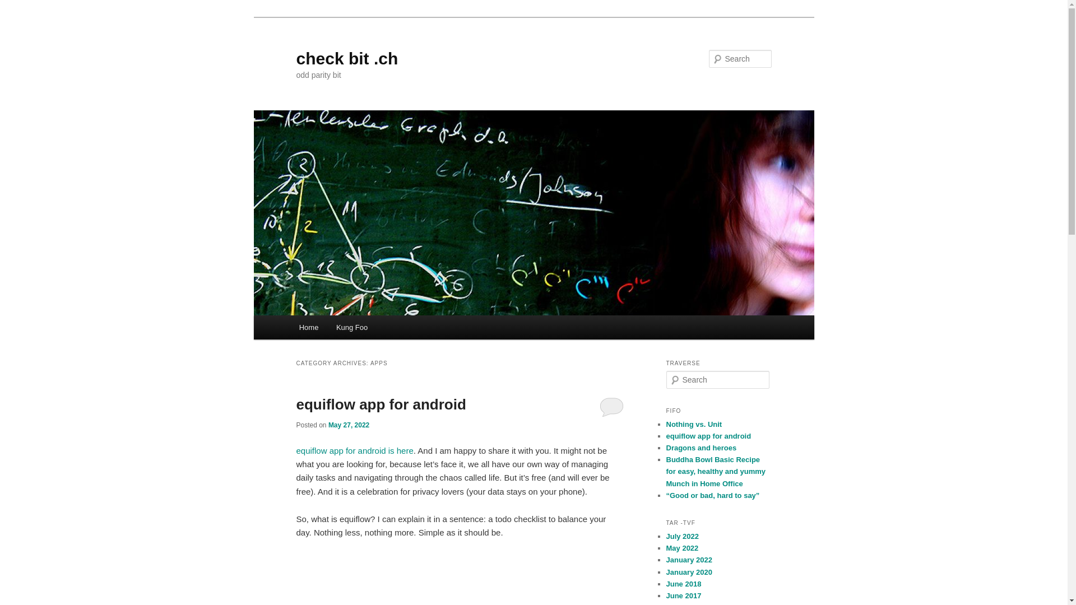  What do you see at coordinates (290, 327) in the screenshot?
I see `'Home'` at bounding box center [290, 327].